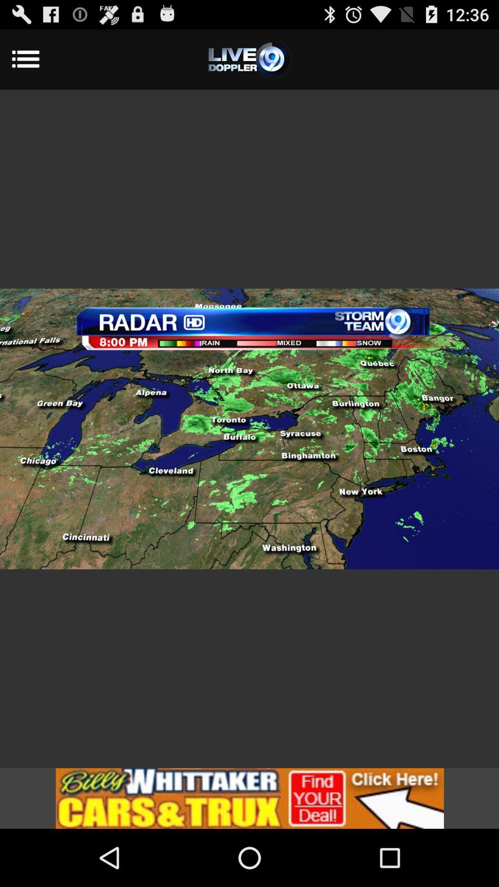 Image resolution: width=499 pixels, height=887 pixels. What do you see at coordinates (249, 798) in the screenshot?
I see `open advertisement banner` at bounding box center [249, 798].